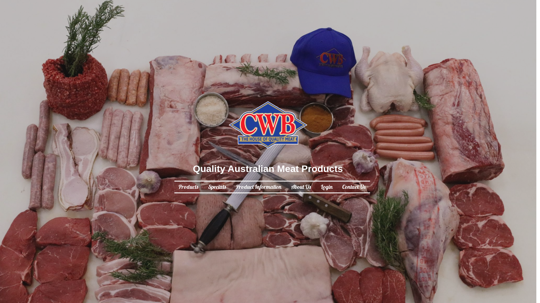 The height and width of the screenshot is (303, 540). Describe the element at coordinates (217, 187) in the screenshot. I see `'Specials'` at that location.